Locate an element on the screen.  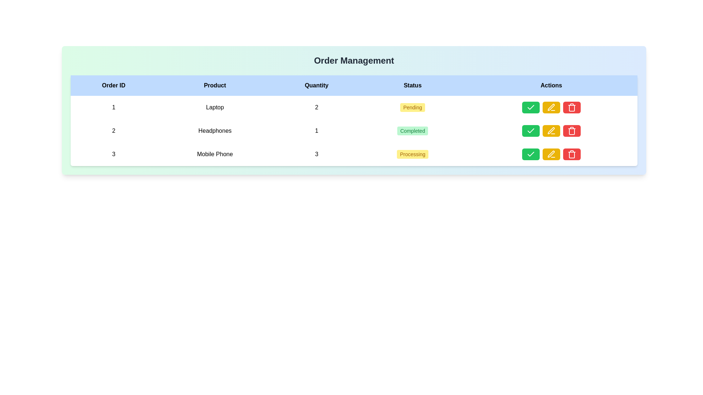
the yellow pen icon button located in the third row of the table under the 'Actions' column, aligned with the 'Mobile Phone' product is located at coordinates (551, 154).